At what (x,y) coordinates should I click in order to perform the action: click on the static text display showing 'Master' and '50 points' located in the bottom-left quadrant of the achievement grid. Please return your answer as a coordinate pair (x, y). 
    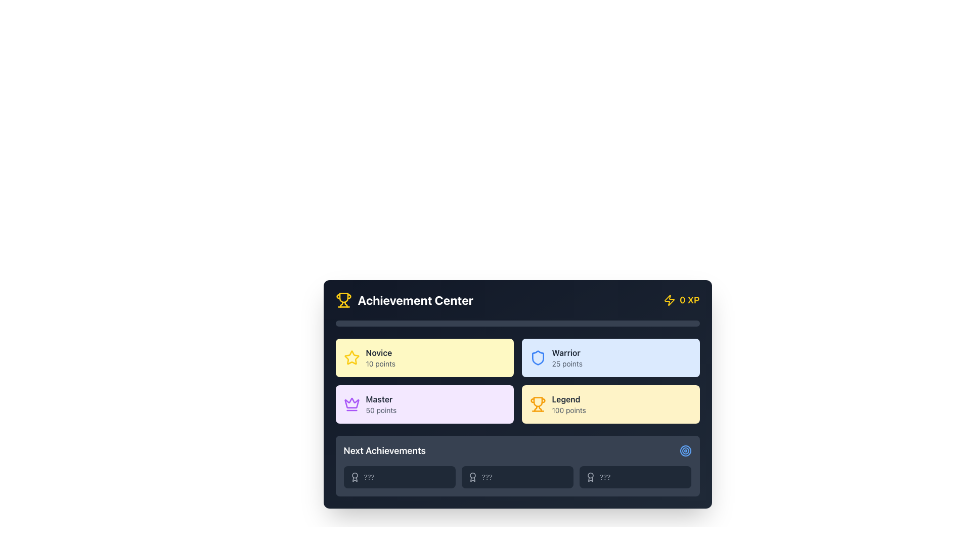
    Looking at the image, I should click on (380, 403).